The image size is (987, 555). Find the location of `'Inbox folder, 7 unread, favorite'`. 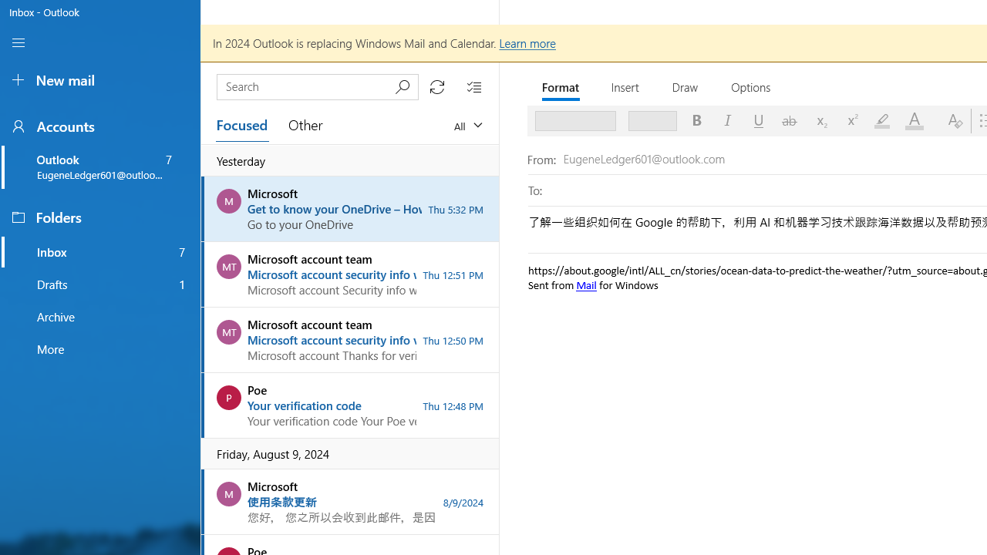

'Inbox folder, 7 unread, favorite' is located at coordinates (99, 251).